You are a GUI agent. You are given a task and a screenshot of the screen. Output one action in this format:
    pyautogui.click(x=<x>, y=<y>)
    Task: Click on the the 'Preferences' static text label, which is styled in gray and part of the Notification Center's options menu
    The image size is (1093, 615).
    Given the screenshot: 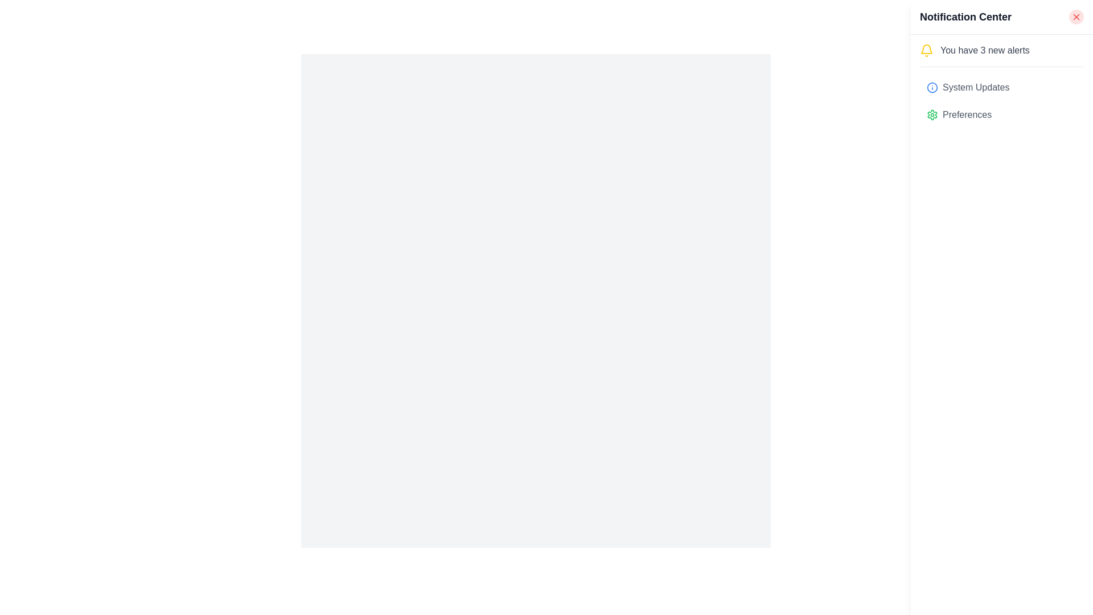 What is the action you would take?
    pyautogui.click(x=967, y=114)
    